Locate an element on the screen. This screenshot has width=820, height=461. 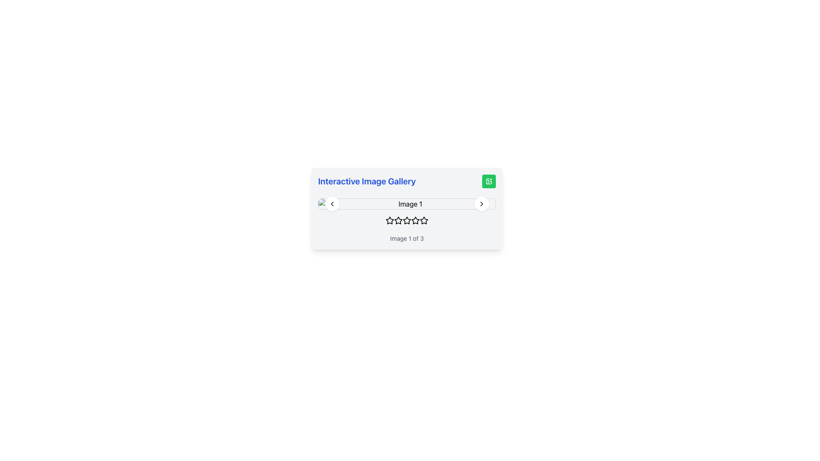
the second star icon in the star-based rating system is located at coordinates (398, 220).